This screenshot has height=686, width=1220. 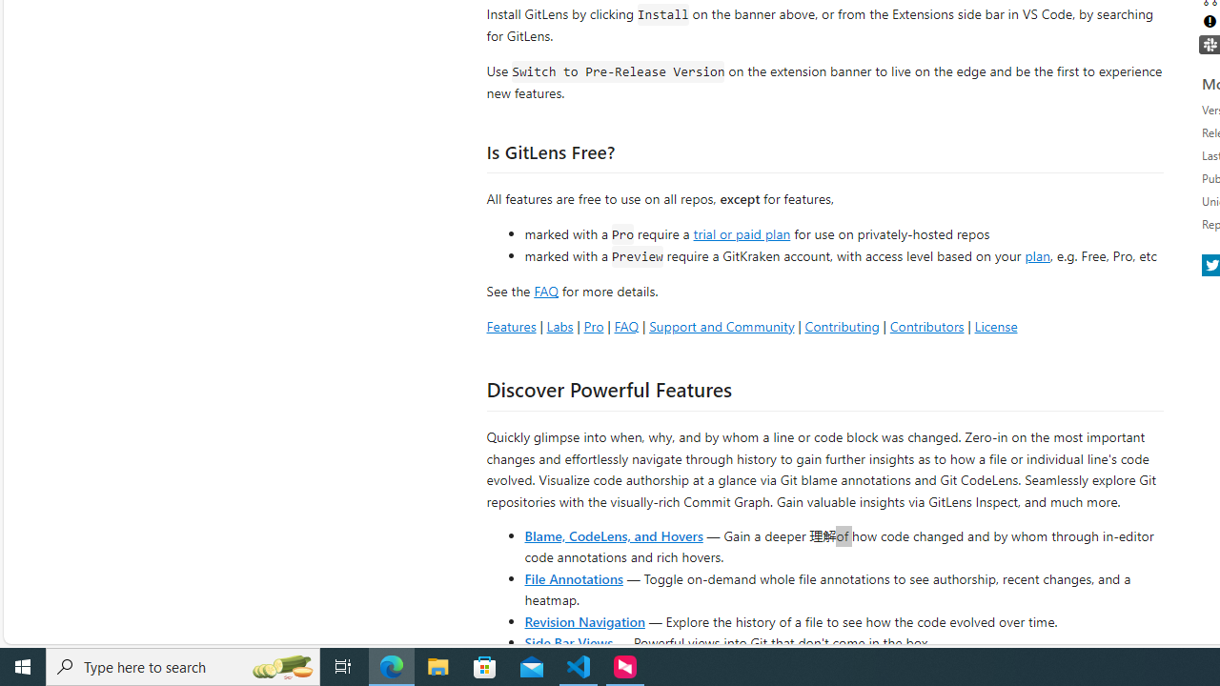 What do you see at coordinates (926, 325) in the screenshot?
I see `'Contributors'` at bounding box center [926, 325].